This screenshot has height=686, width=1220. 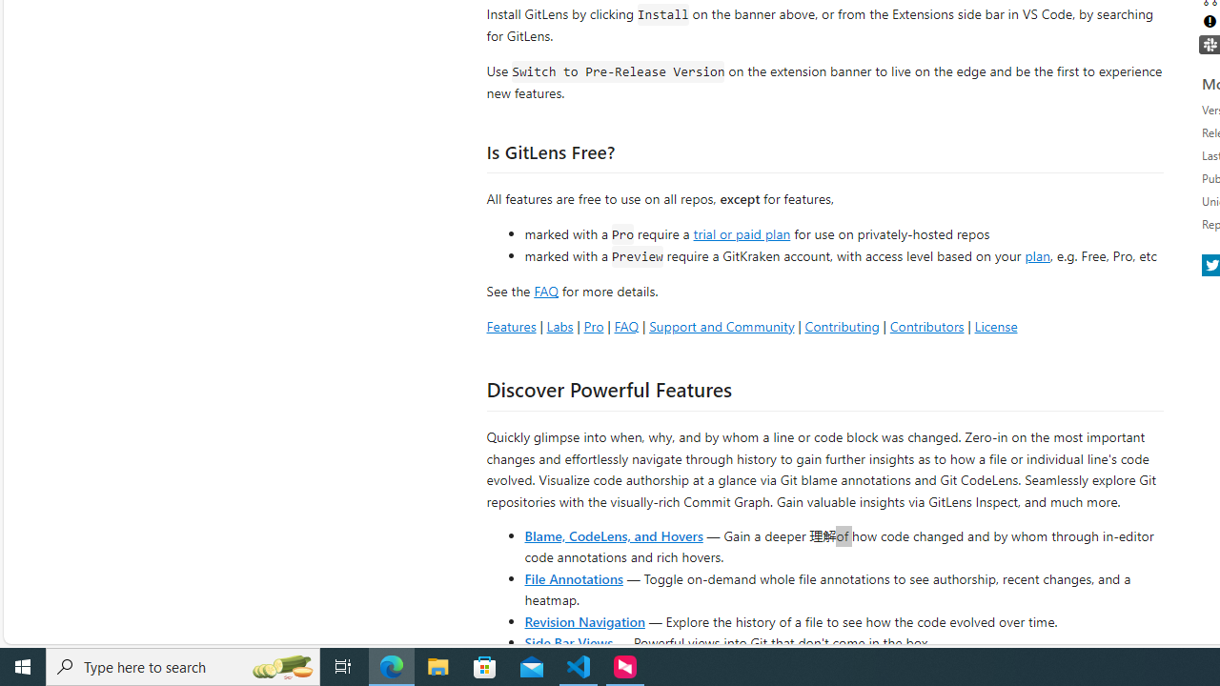 What do you see at coordinates (926, 325) in the screenshot?
I see `'Contributors'` at bounding box center [926, 325].